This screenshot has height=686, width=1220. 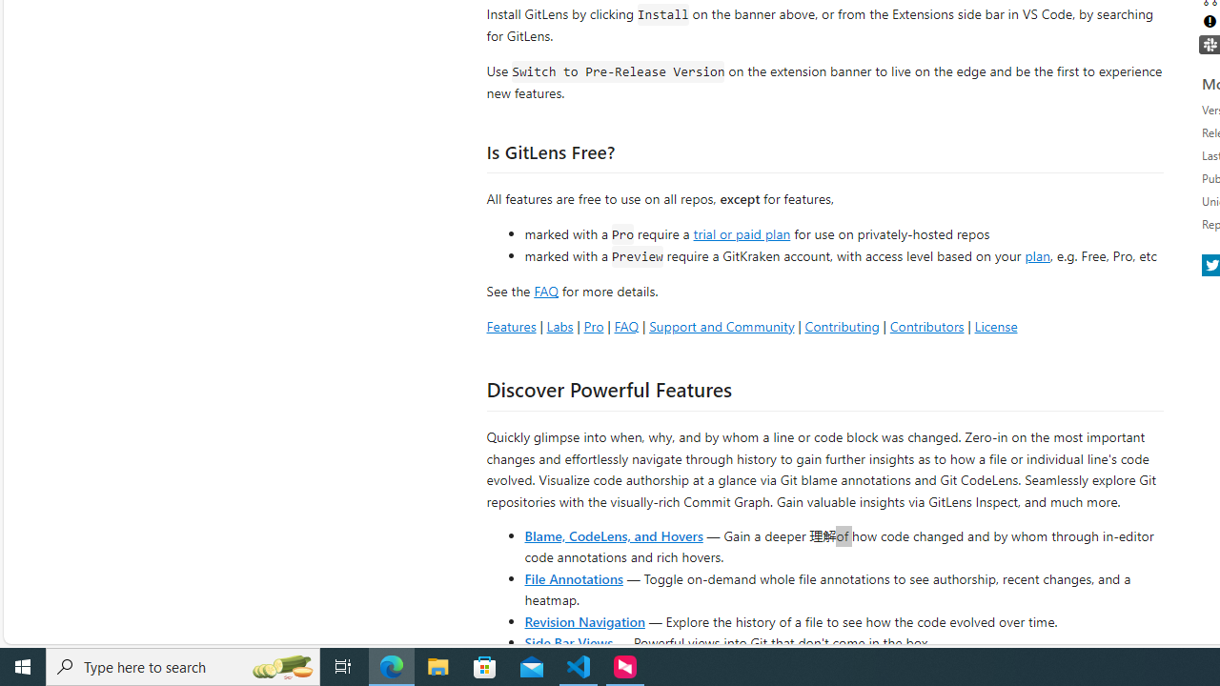 What do you see at coordinates (926, 325) in the screenshot?
I see `'Contributors'` at bounding box center [926, 325].